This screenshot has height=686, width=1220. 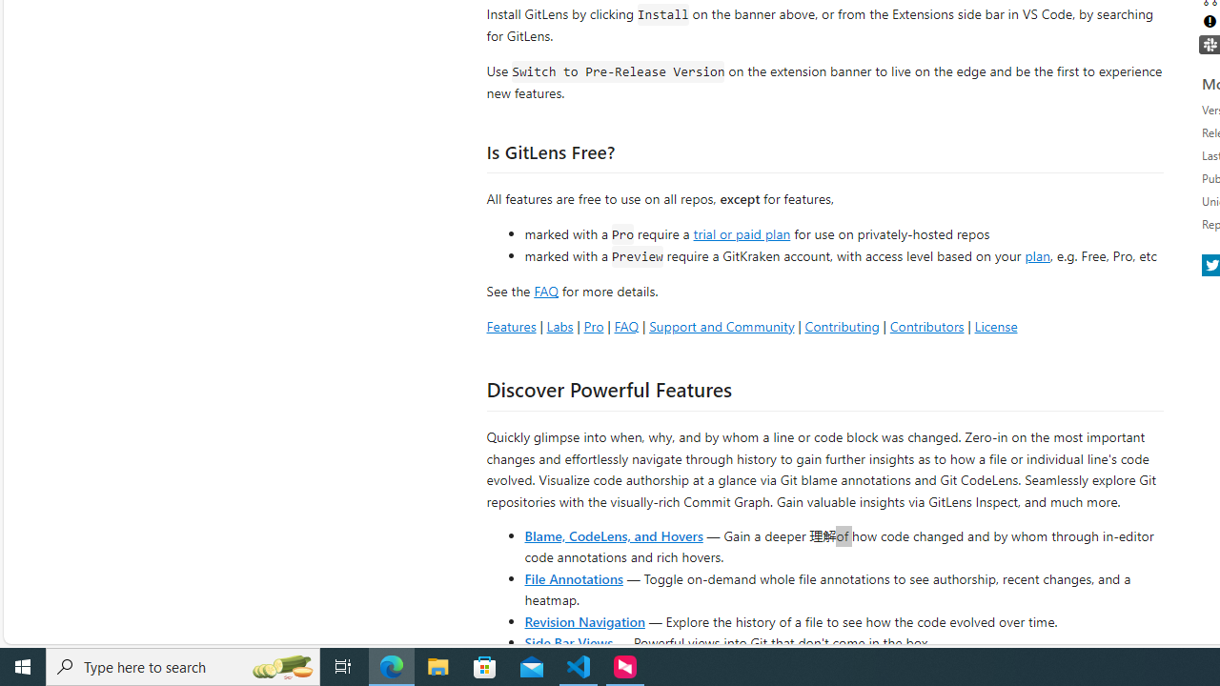 What do you see at coordinates (926, 325) in the screenshot?
I see `'Contributors'` at bounding box center [926, 325].